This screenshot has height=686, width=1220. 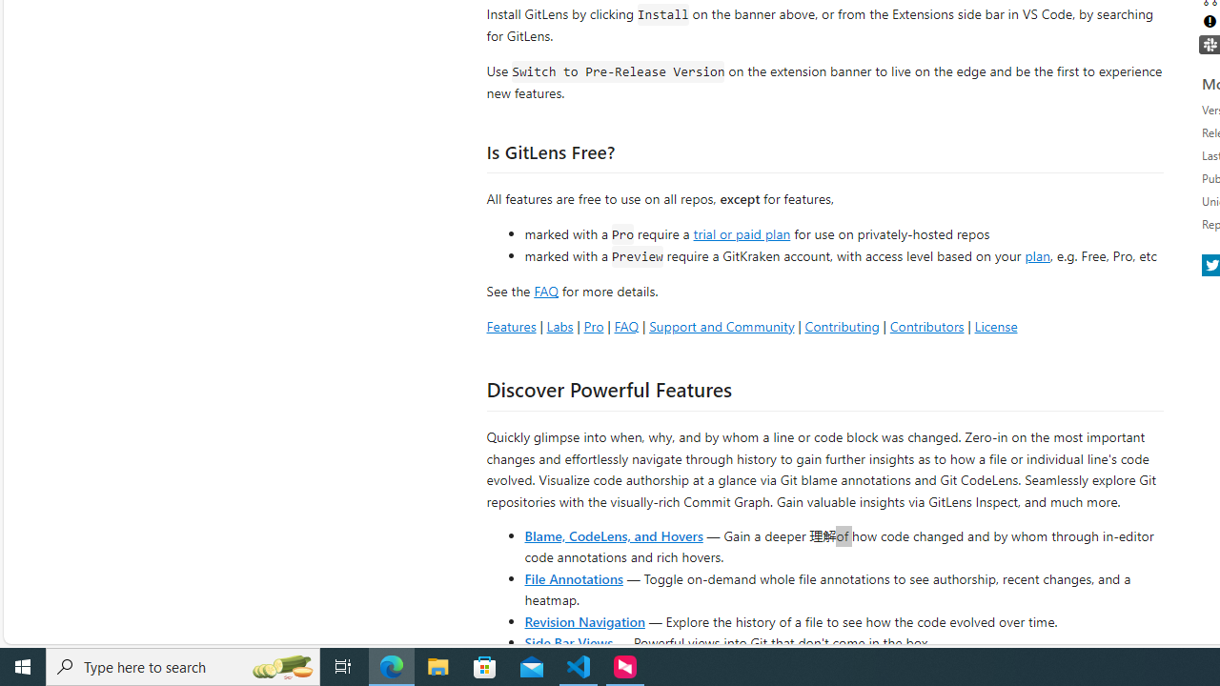 What do you see at coordinates (926, 325) in the screenshot?
I see `'Contributors'` at bounding box center [926, 325].